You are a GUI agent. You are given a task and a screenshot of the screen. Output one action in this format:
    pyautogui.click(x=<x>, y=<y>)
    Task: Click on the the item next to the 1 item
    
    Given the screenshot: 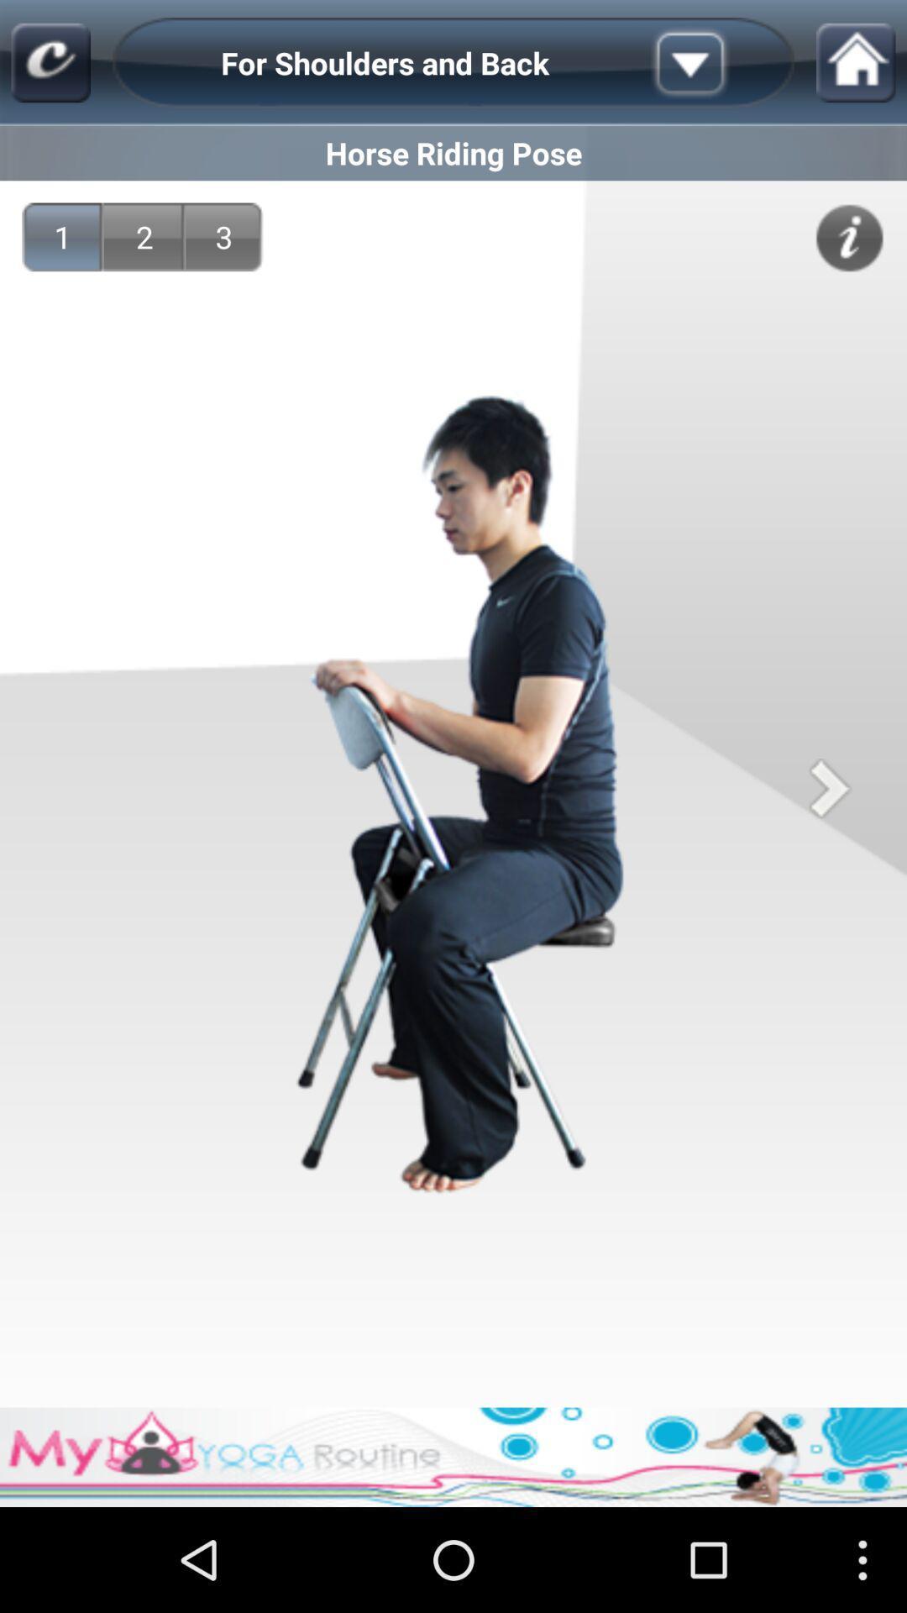 What is the action you would take?
    pyautogui.click(x=144, y=236)
    